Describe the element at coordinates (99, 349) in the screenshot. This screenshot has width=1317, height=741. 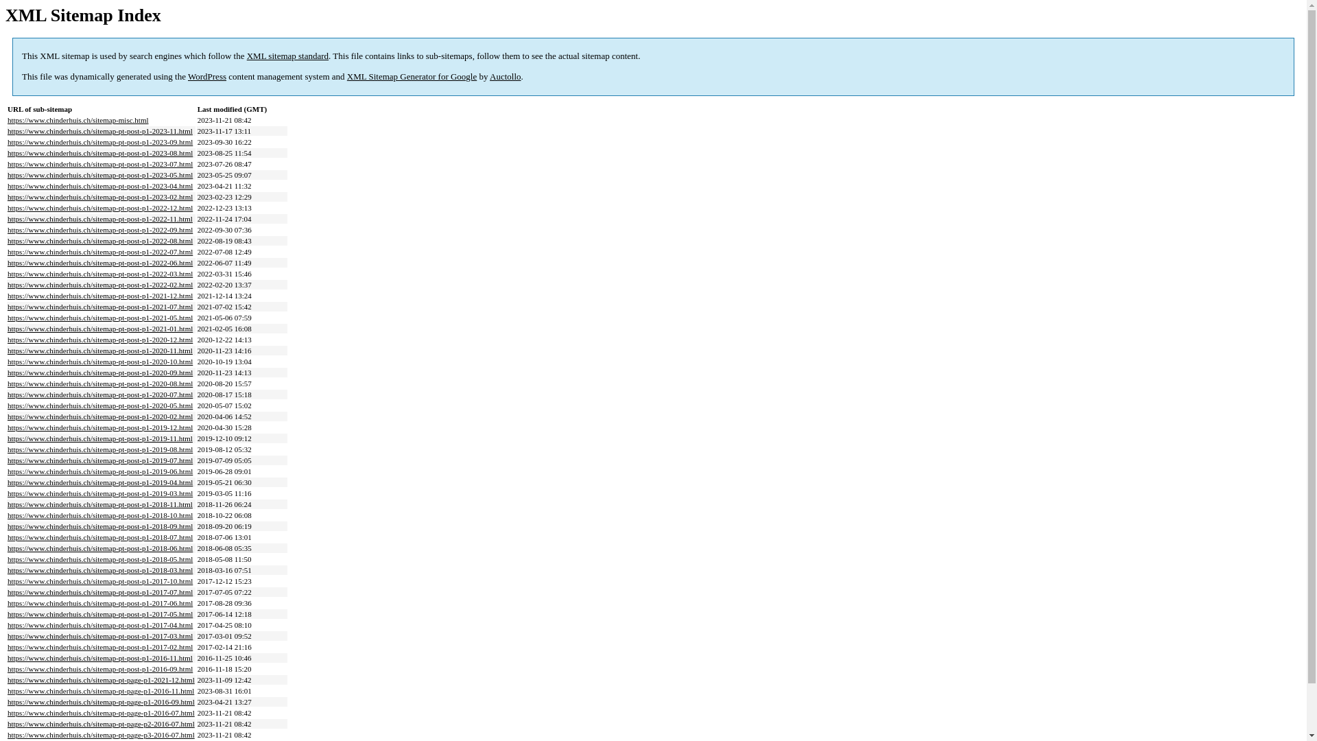
I see `'https://www.chinderhuis.ch/sitemap-pt-post-p1-2020-11.html'` at that location.